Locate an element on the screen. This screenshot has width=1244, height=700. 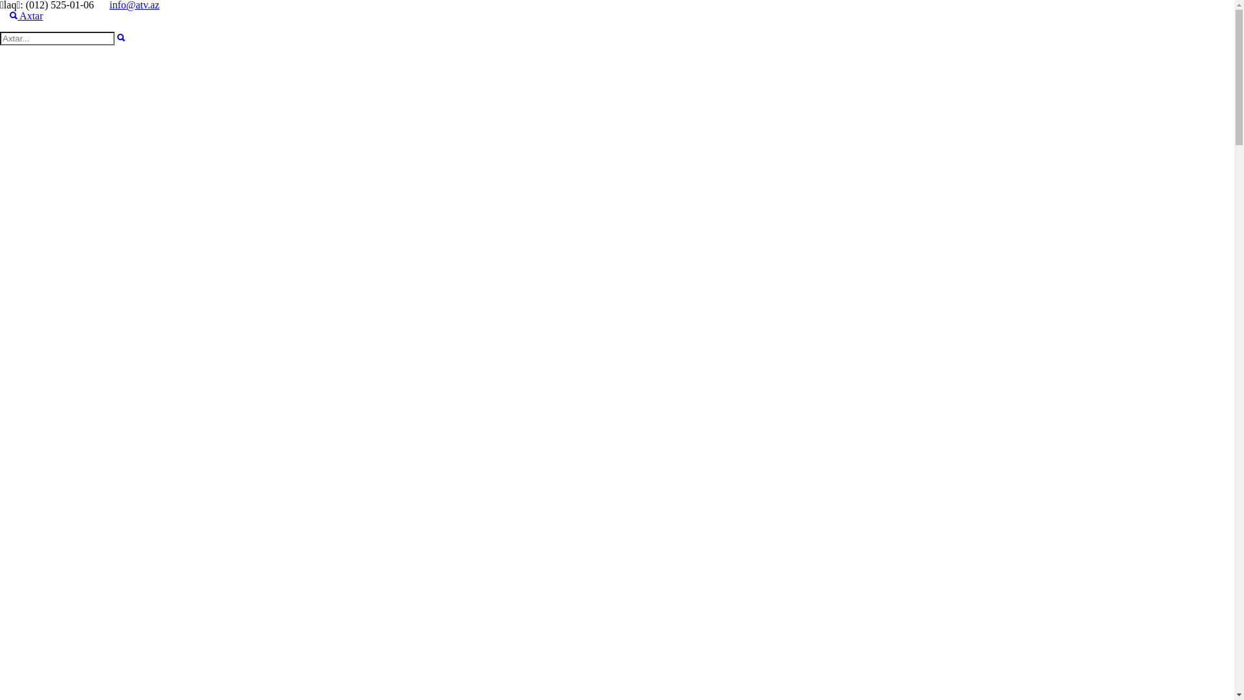
' Axtar' is located at coordinates (27, 16).